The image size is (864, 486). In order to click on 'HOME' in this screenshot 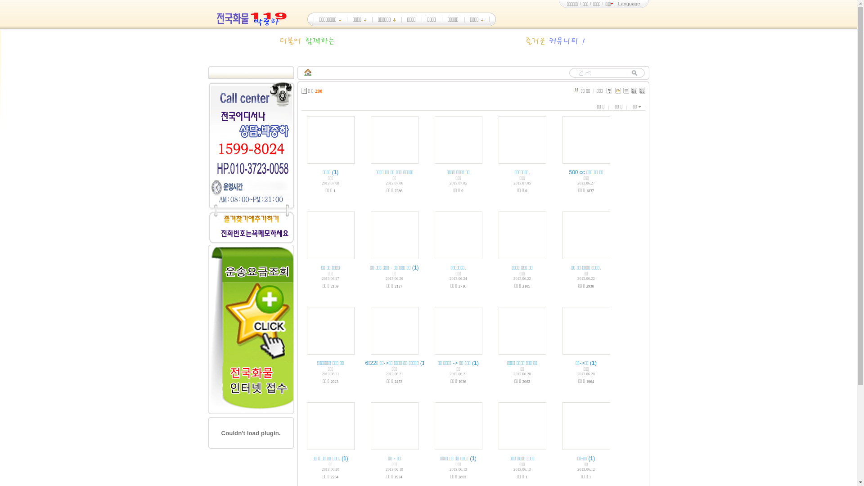, I will do `click(308, 72)`.